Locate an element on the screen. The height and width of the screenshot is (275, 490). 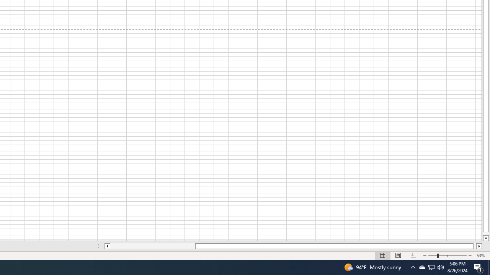
'Page right' is located at coordinates (474, 246).